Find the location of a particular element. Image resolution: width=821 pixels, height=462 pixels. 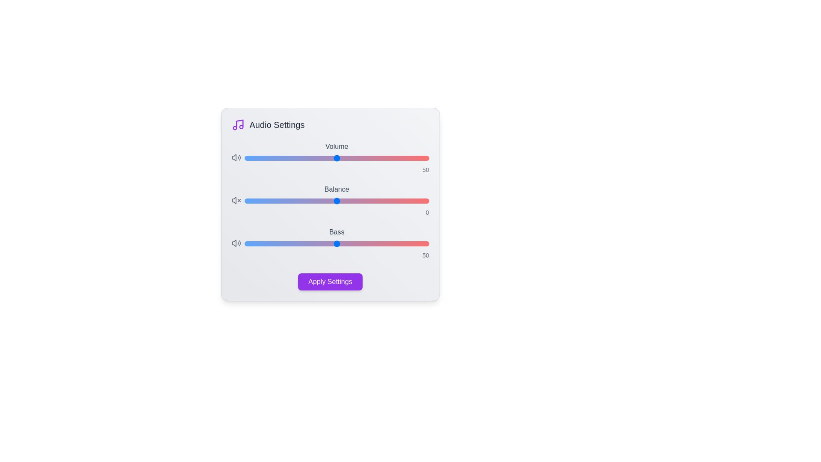

the 'Balance' slider to the specified value 31 is located at coordinates (393, 201).